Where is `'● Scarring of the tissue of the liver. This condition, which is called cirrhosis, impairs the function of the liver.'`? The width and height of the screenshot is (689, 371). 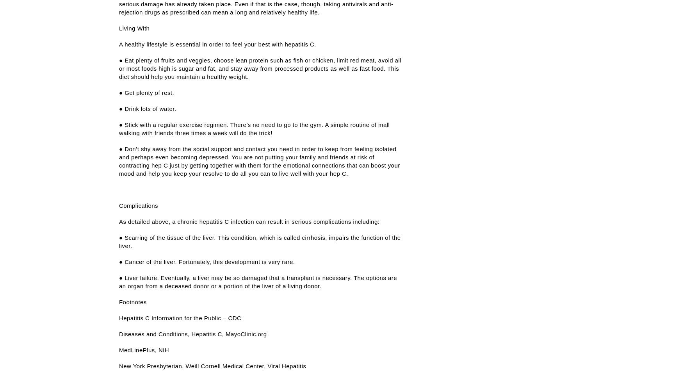
'● Scarring of the tissue of the liver. This condition, which is called cirrhosis, impairs the function of the liver.' is located at coordinates (259, 242).